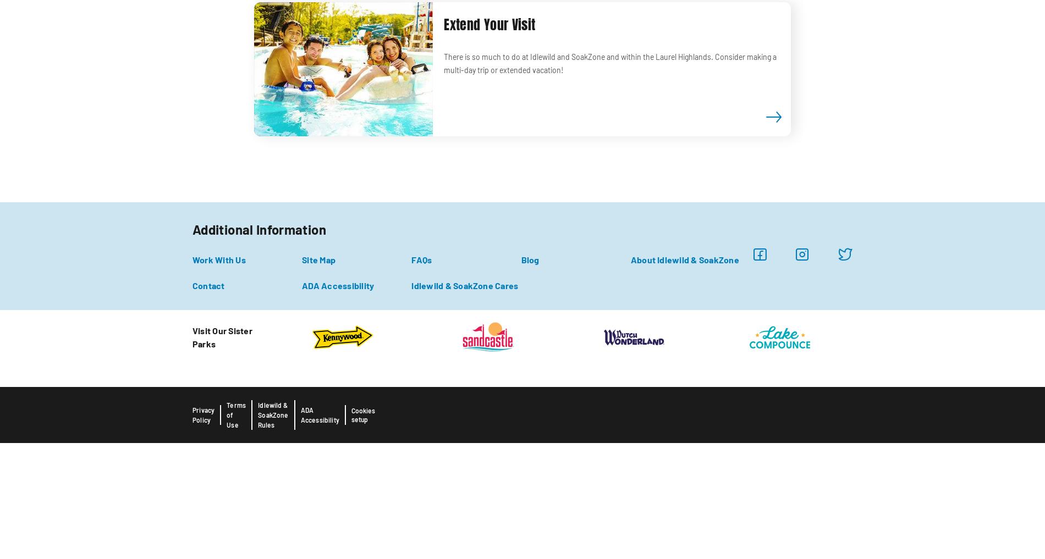 The image size is (1045, 559). Describe the element at coordinates (208, 285) in the screenshot. I see `'Contact'` at that location.